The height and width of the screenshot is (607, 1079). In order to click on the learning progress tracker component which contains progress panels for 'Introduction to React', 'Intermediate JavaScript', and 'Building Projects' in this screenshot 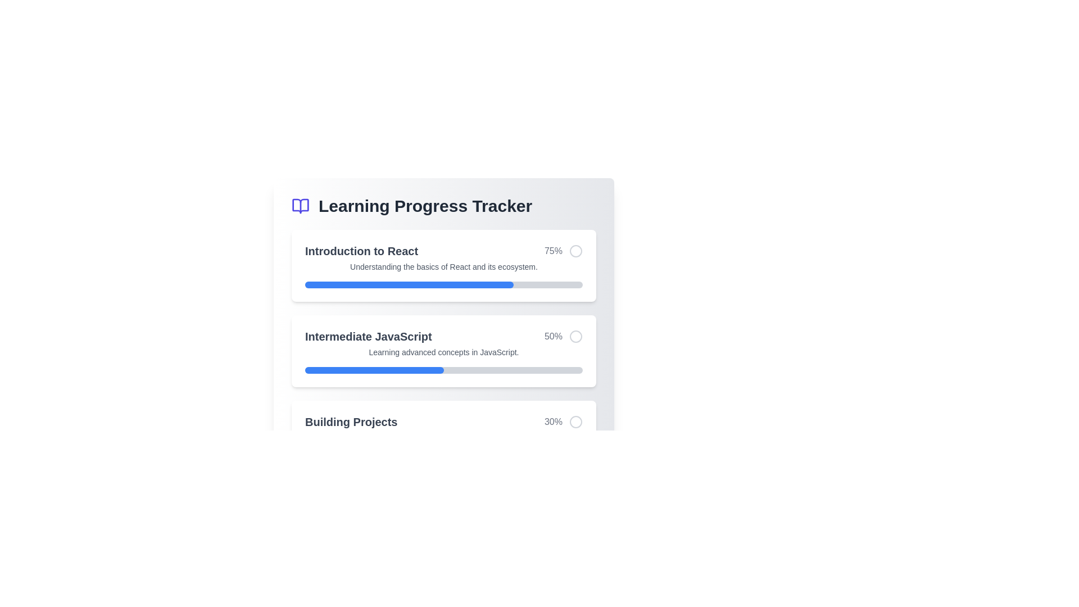, I will do `click(443, 350)`.